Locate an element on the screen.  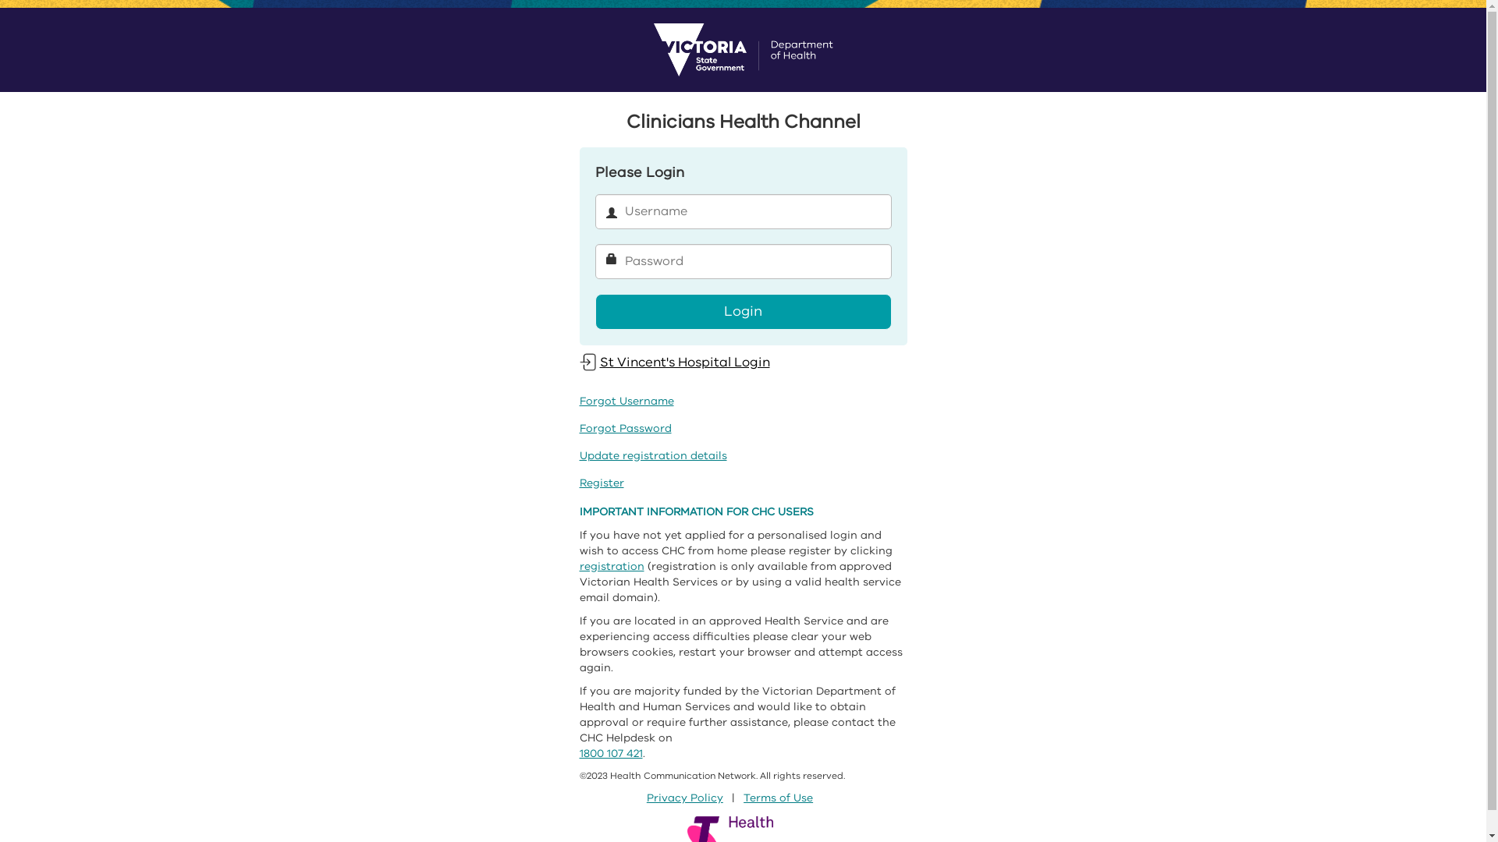
'Login' is located at coordinates (741, 312).